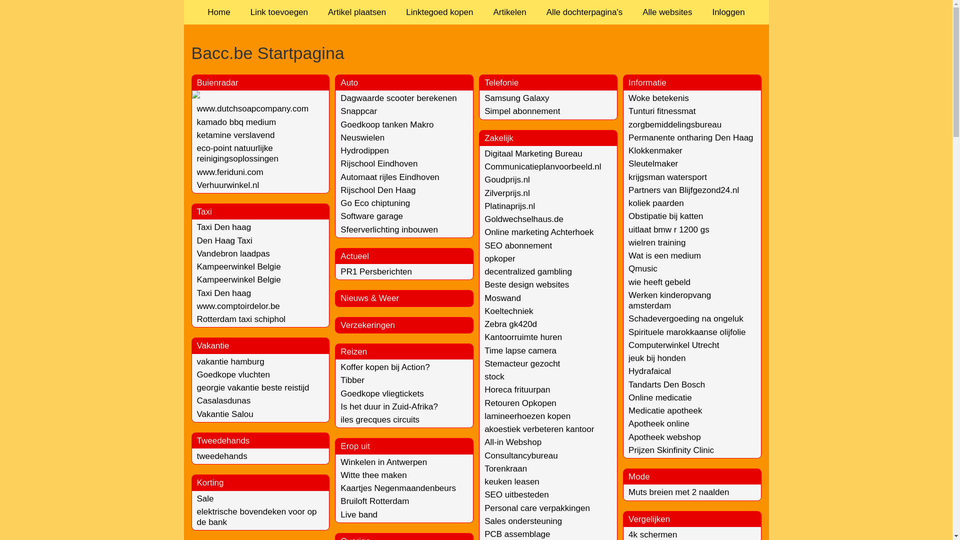 The image size is (960, 540). Describe the element at coordinates (505, 468) in the screenshot. I see `'Torenkraan'` at that location.